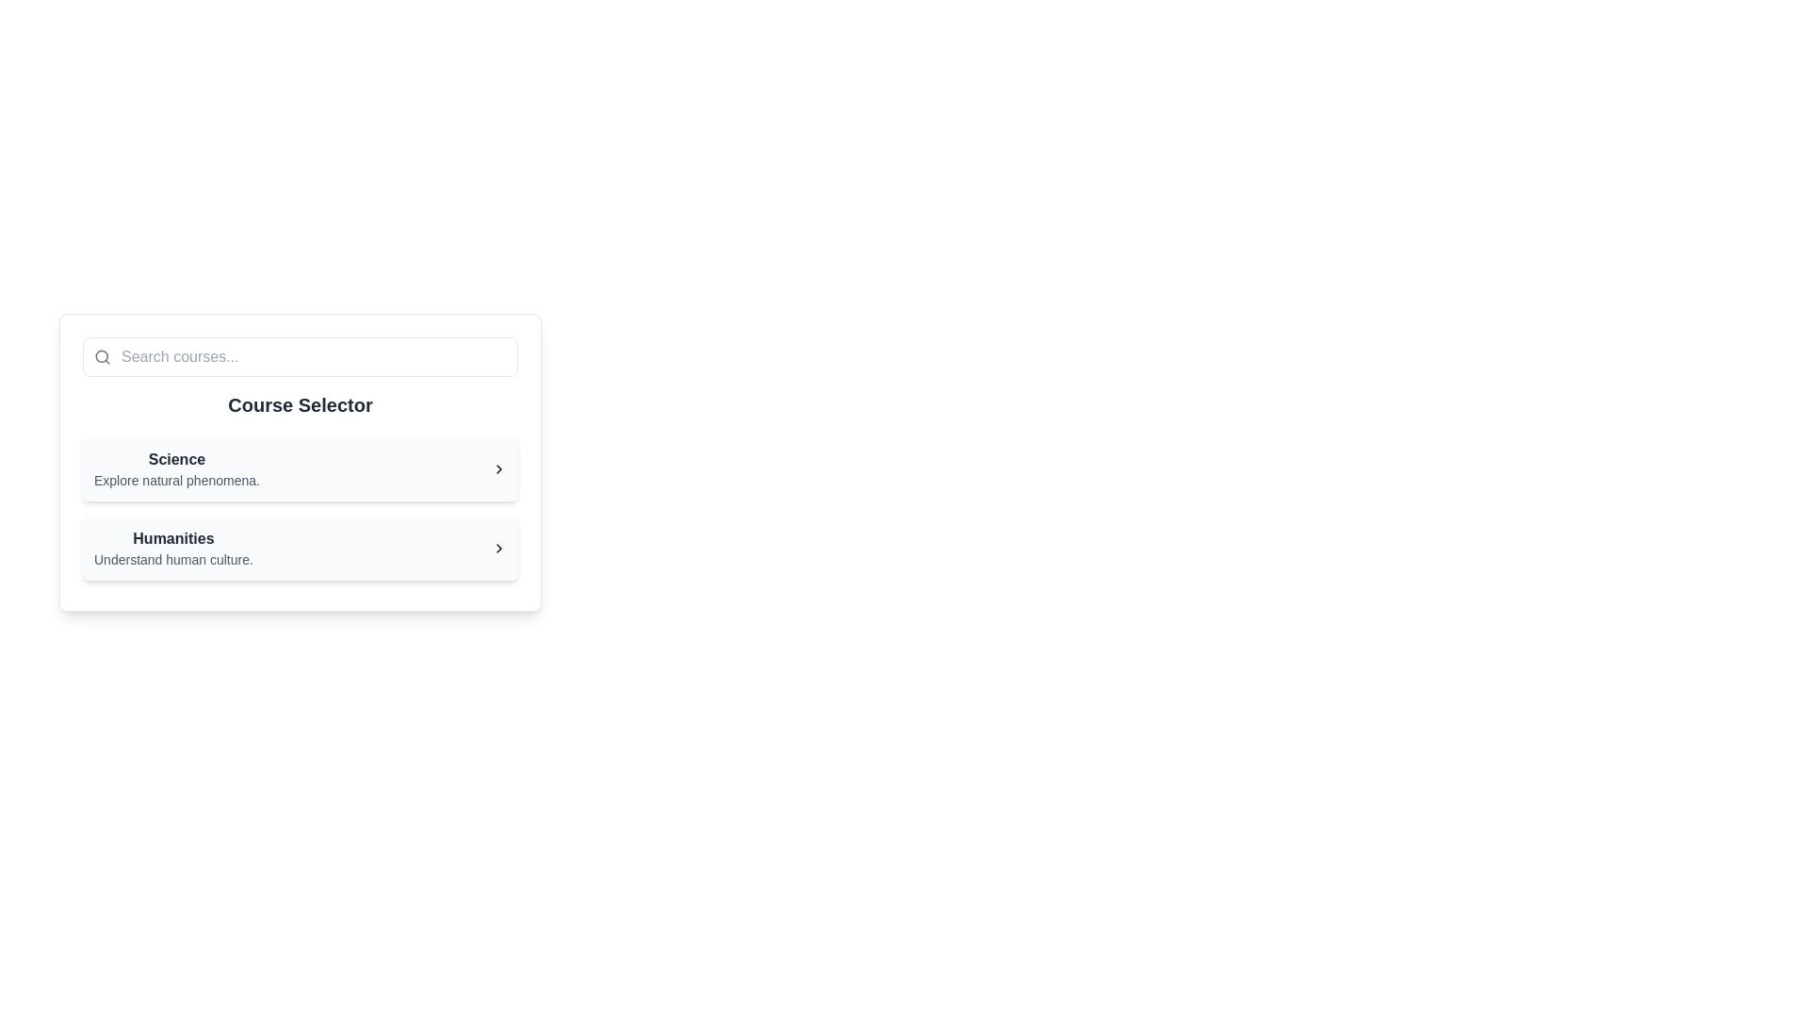  I want to click on keyboard navigation, so click(173, 549).